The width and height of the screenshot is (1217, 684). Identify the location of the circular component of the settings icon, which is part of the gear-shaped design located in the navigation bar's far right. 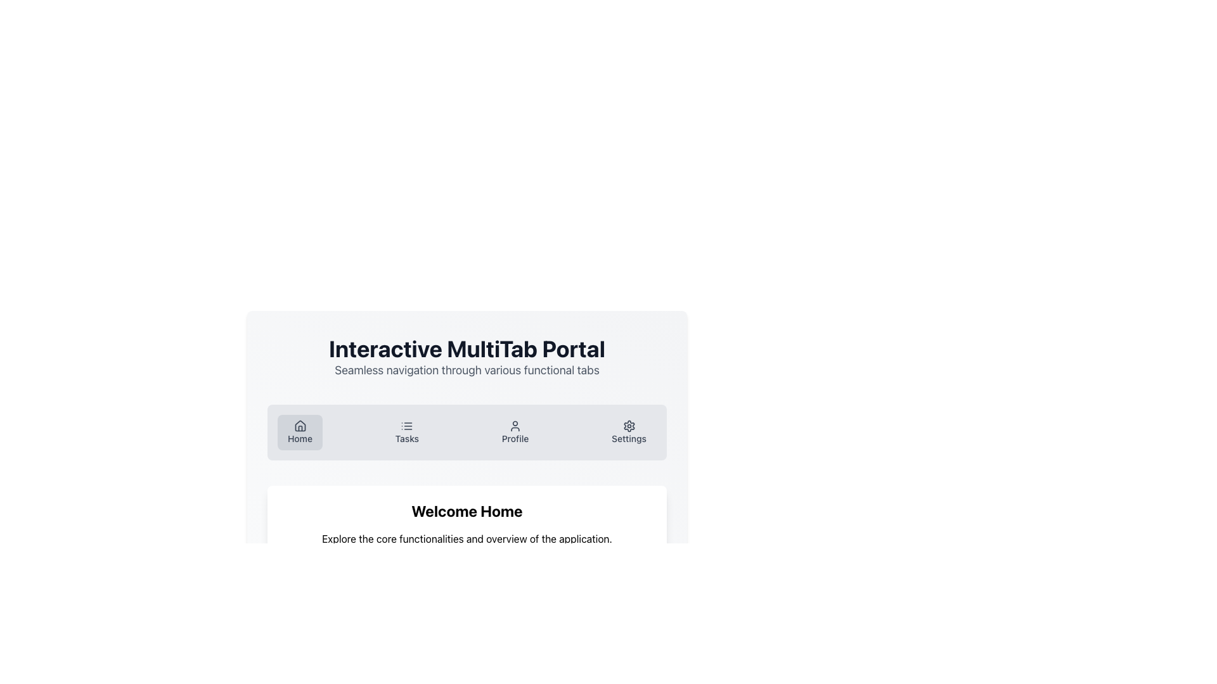
(629, 426).